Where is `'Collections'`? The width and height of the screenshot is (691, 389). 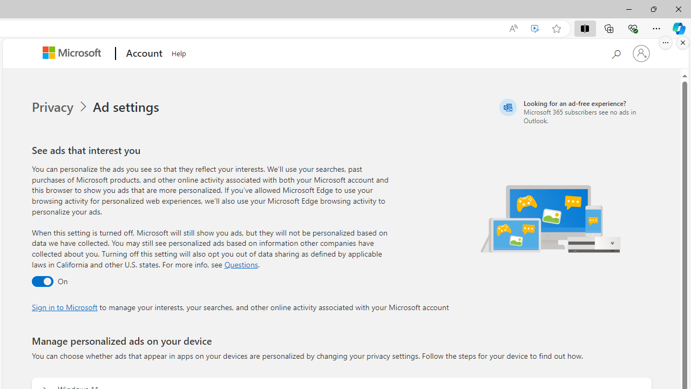 'Collections' is located at coordinates (609, 28).